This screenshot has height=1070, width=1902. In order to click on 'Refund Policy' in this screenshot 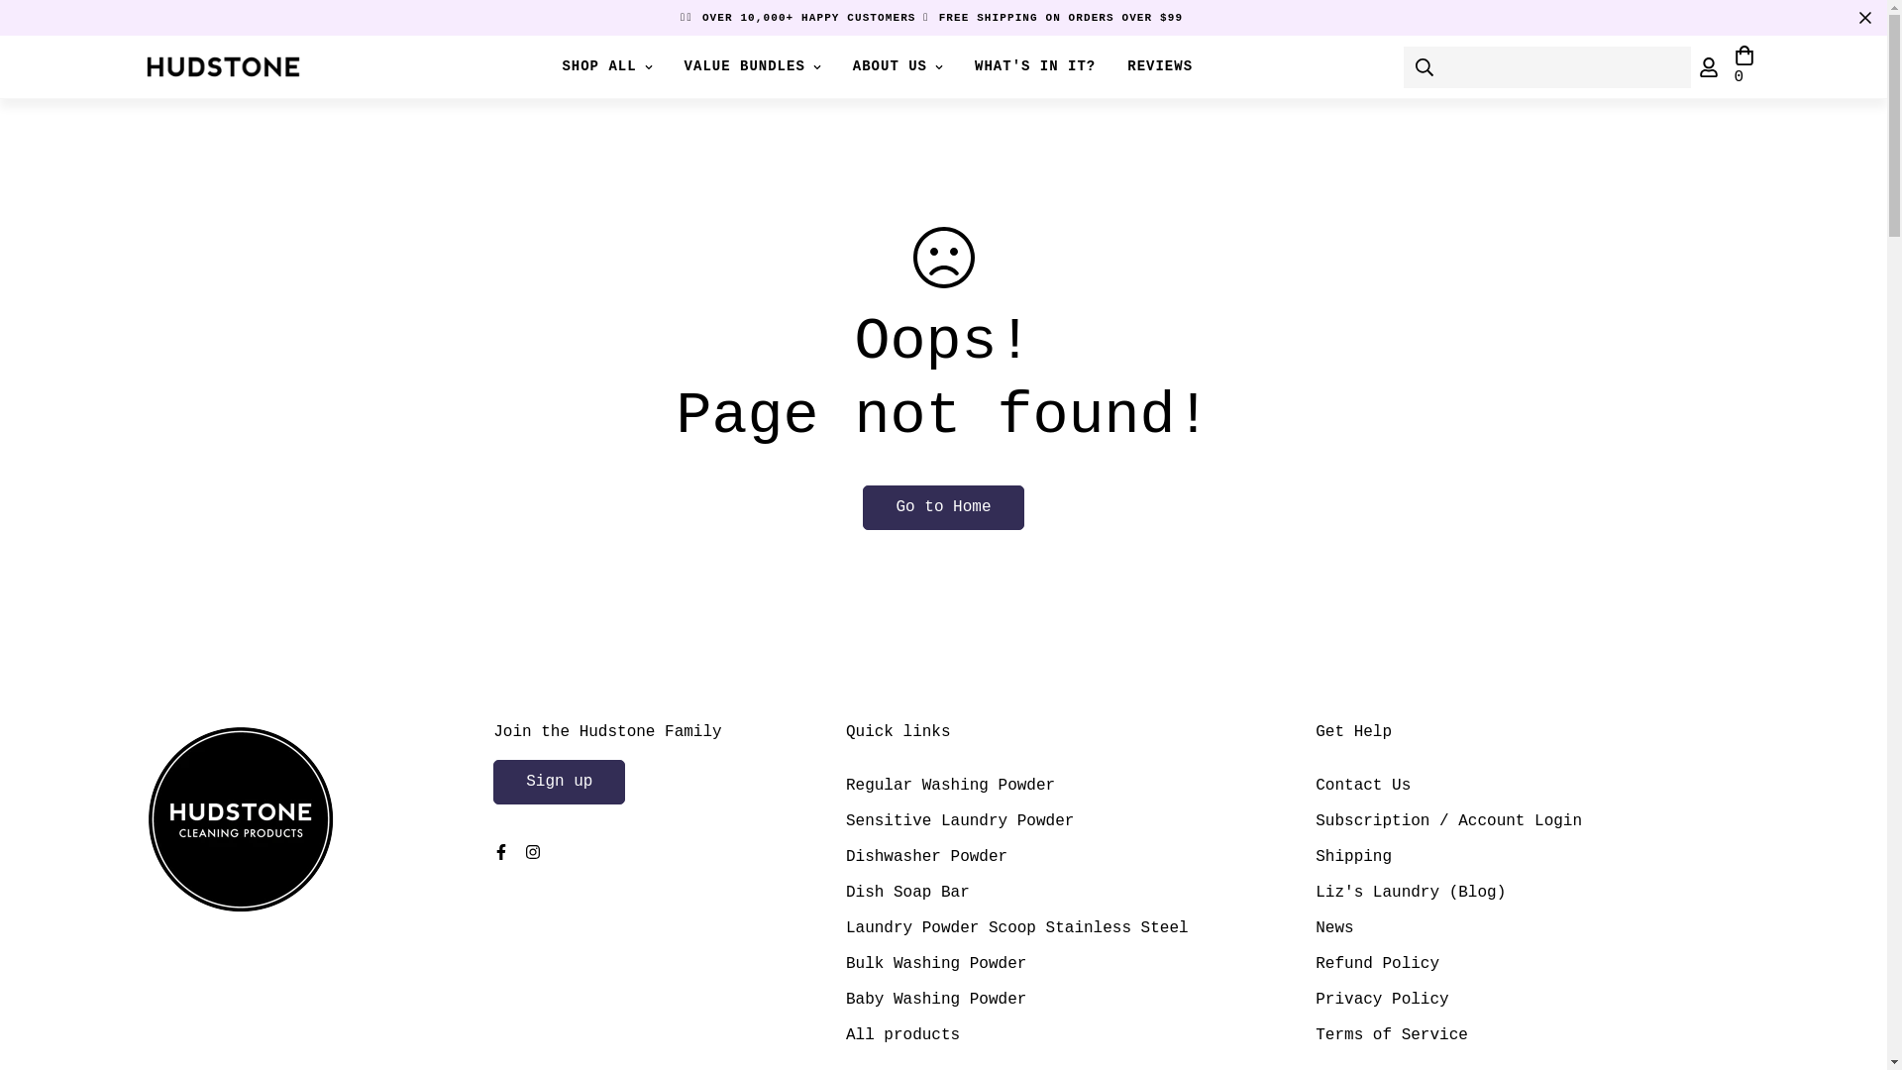, I will do `click(1376, 962)`.